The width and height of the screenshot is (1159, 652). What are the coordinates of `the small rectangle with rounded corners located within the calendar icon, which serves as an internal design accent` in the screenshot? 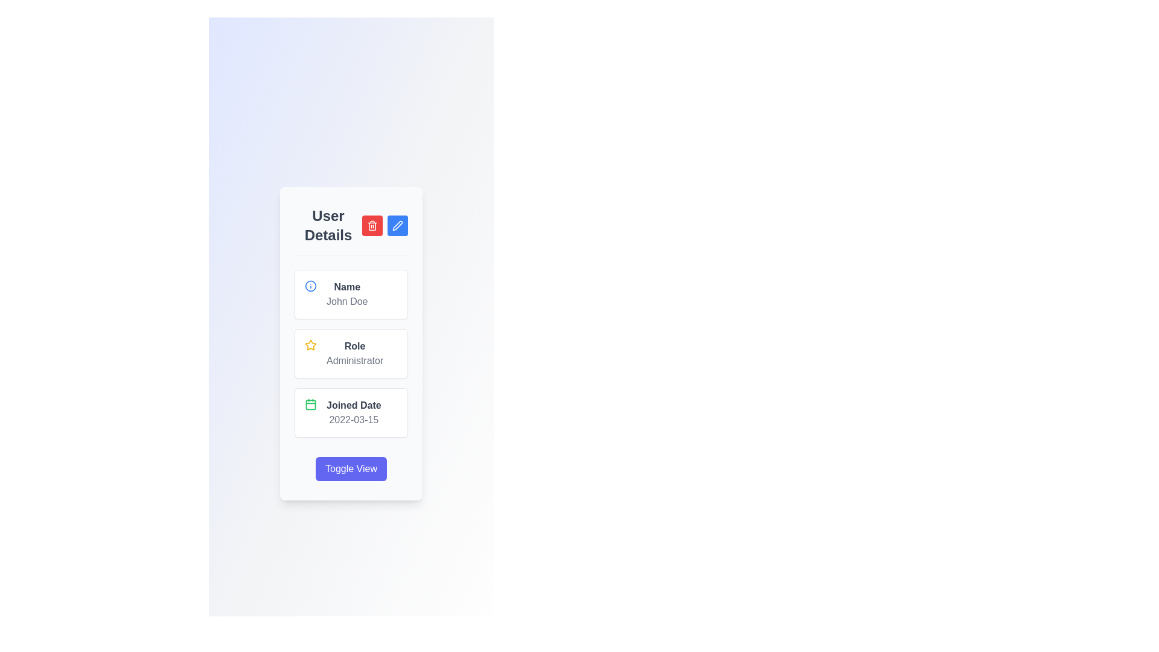 It's located at (310, 404).